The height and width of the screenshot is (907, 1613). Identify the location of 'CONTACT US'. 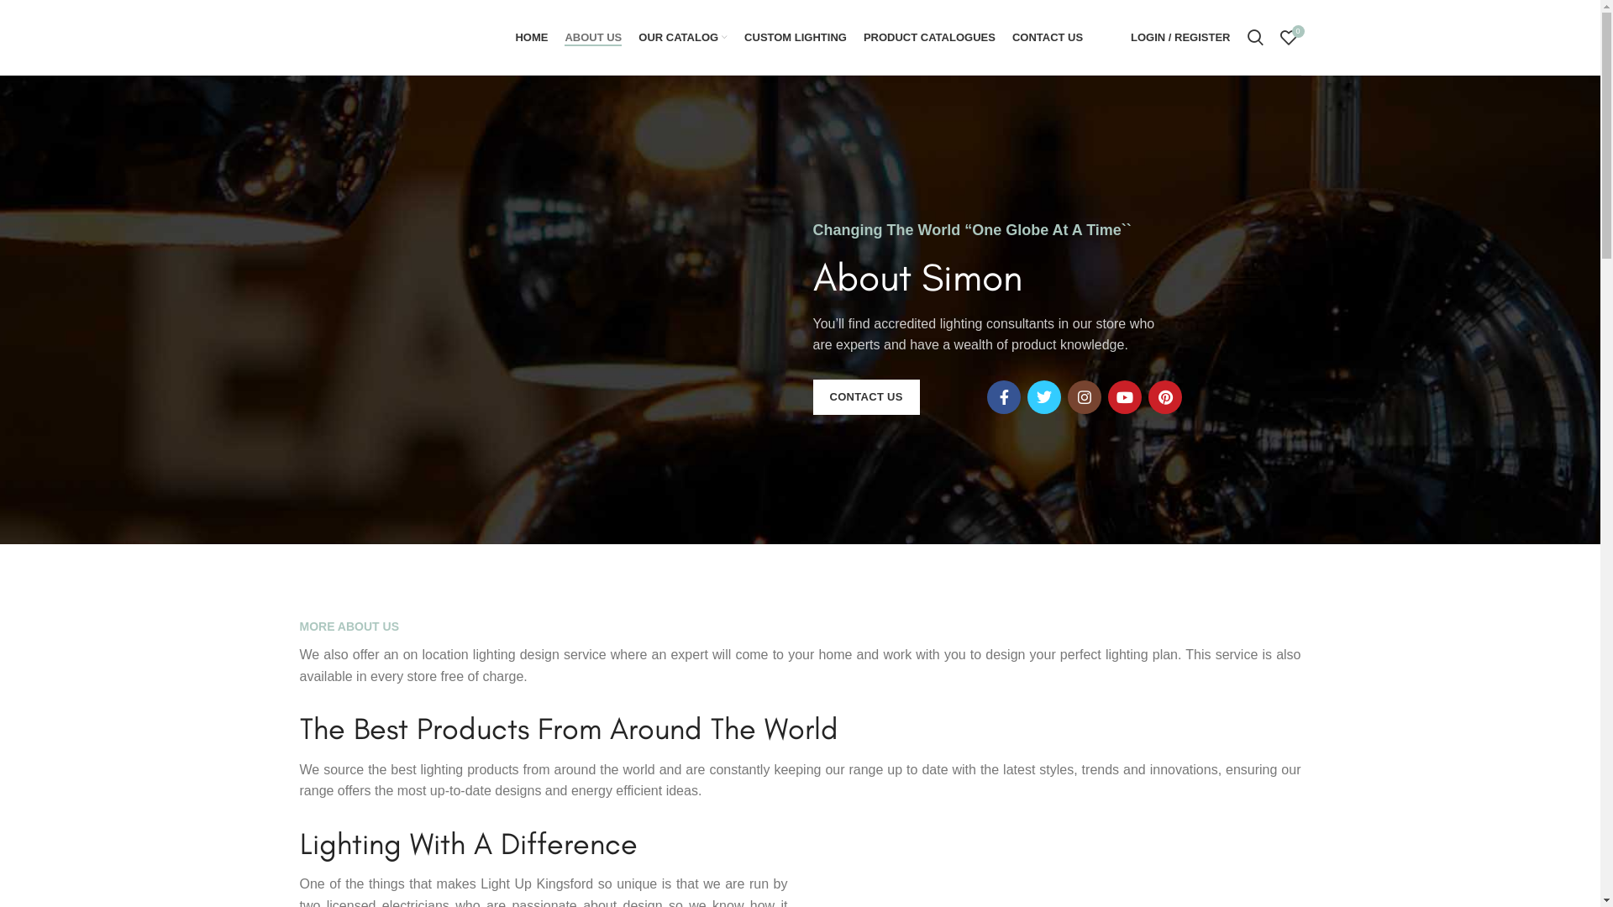
(866, 397).